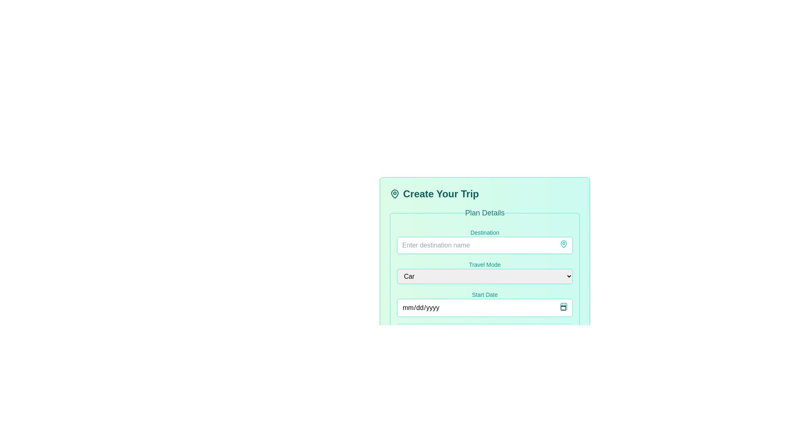 This screenshot has height=444, width=789. What do you see at coordinates (563, 306) in the screenshot?
I see `the calendar icon located in the bottom right corner of the 'Start Date' input field` at bounding box center [563, 306].